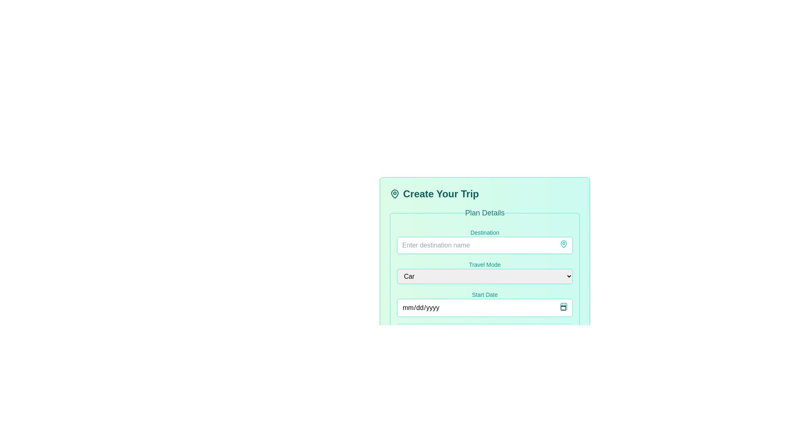 This screenshot has height=444, width=789. What do you see at coordinates (563, 306) in the screenshot?
I see `the calendar icon located in the bottom right corner of the 'Start Date' input field` at bounding box center [563, 306].